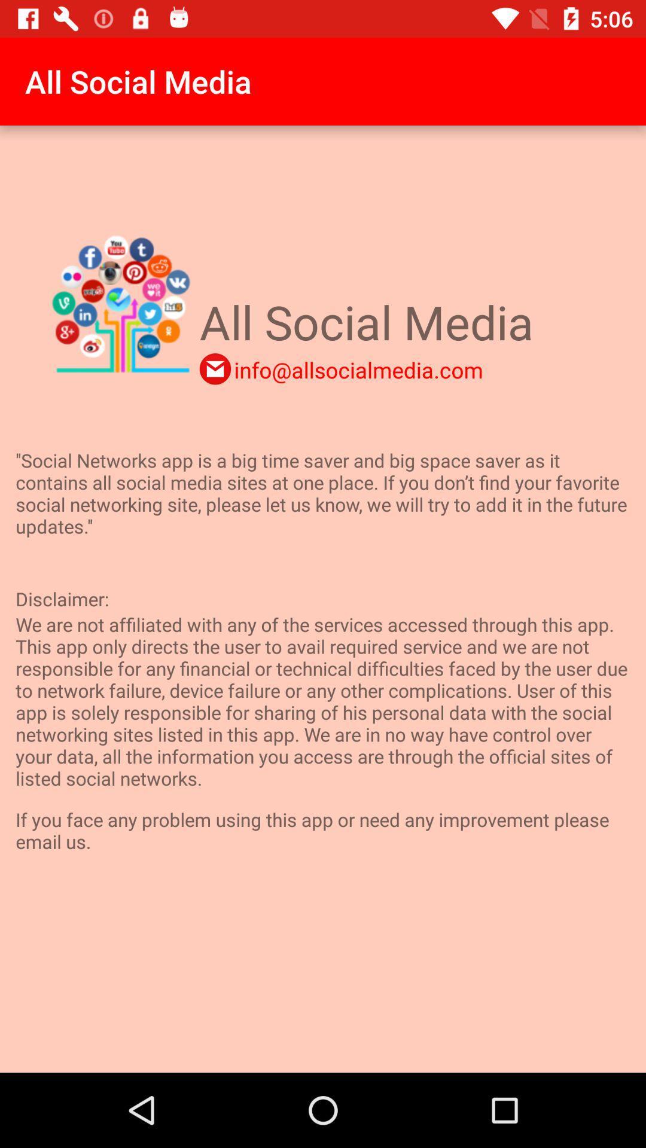 The image size is (646, 1148). I want to click on the email icon, so click(214, 368).